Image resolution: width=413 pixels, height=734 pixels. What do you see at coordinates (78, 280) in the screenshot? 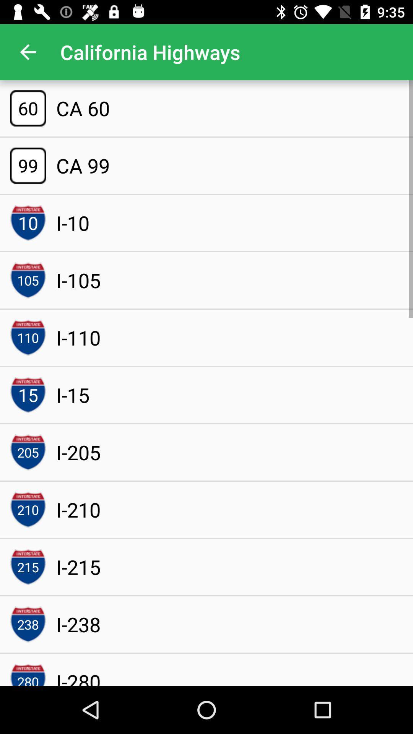
I see `icon above the i-110 icon` at bounding box center [78, 280].